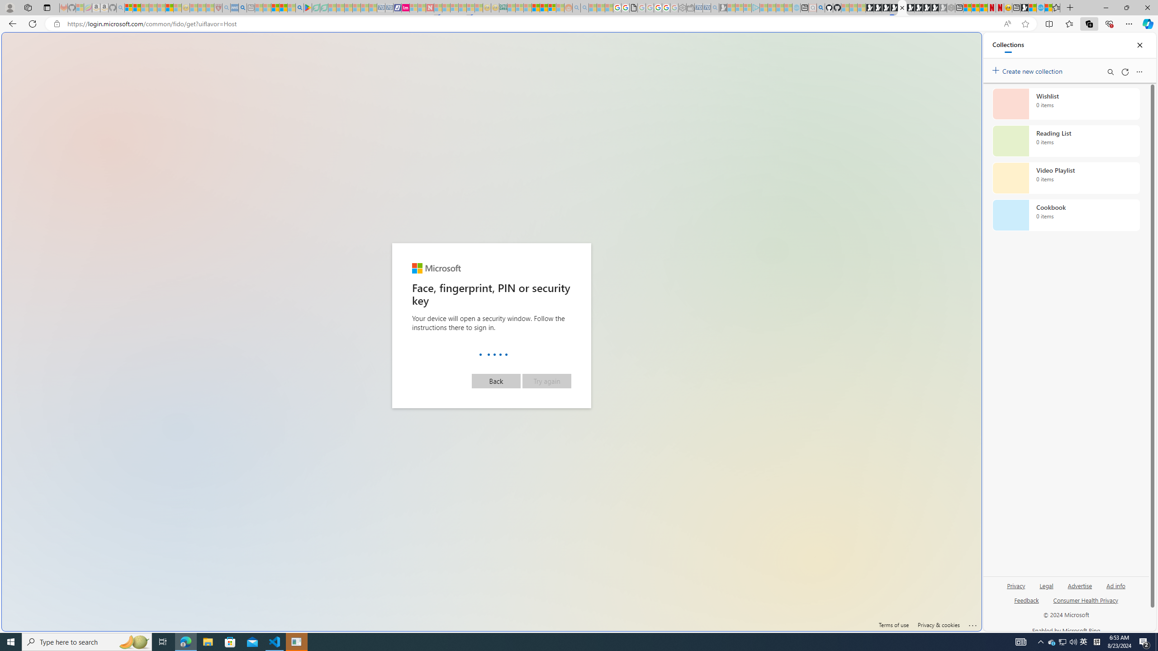  I want to click on 'github - Search', so click(821, 7).